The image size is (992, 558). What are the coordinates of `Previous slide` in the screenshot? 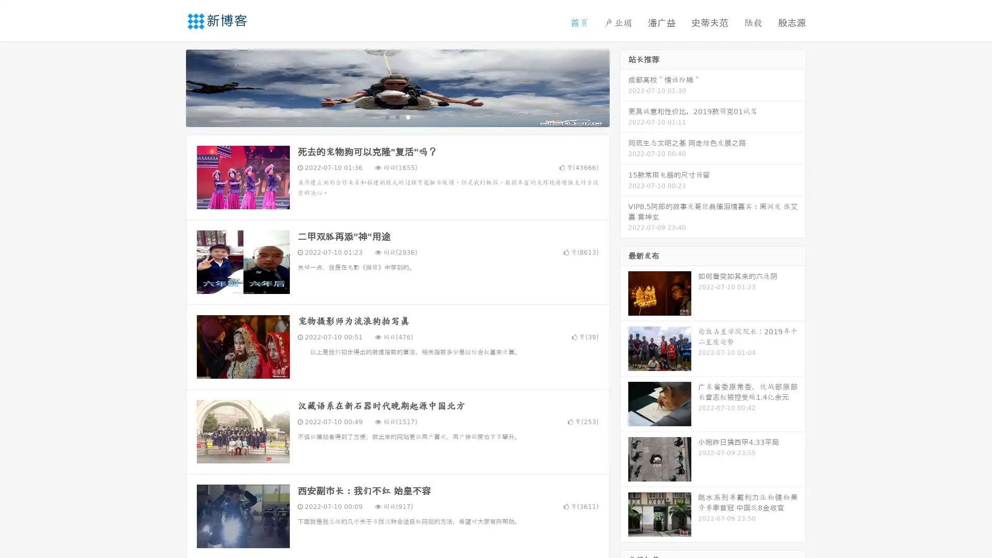 It's located at (171, 87).